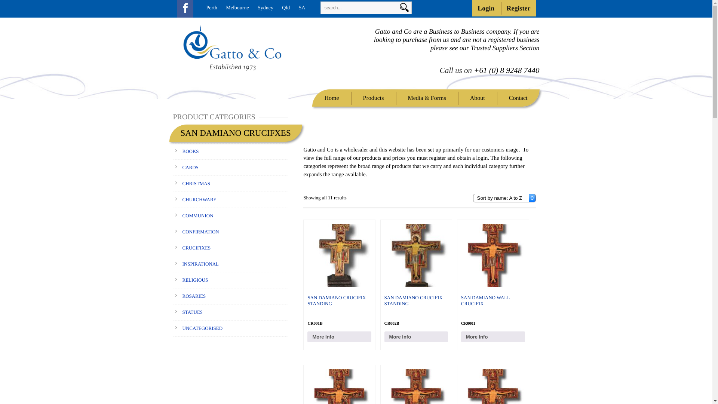 The image size is (718, 404). Describe the element at coordinates (193, 312) in the screenshot. I see `'STATUES'` at that location.